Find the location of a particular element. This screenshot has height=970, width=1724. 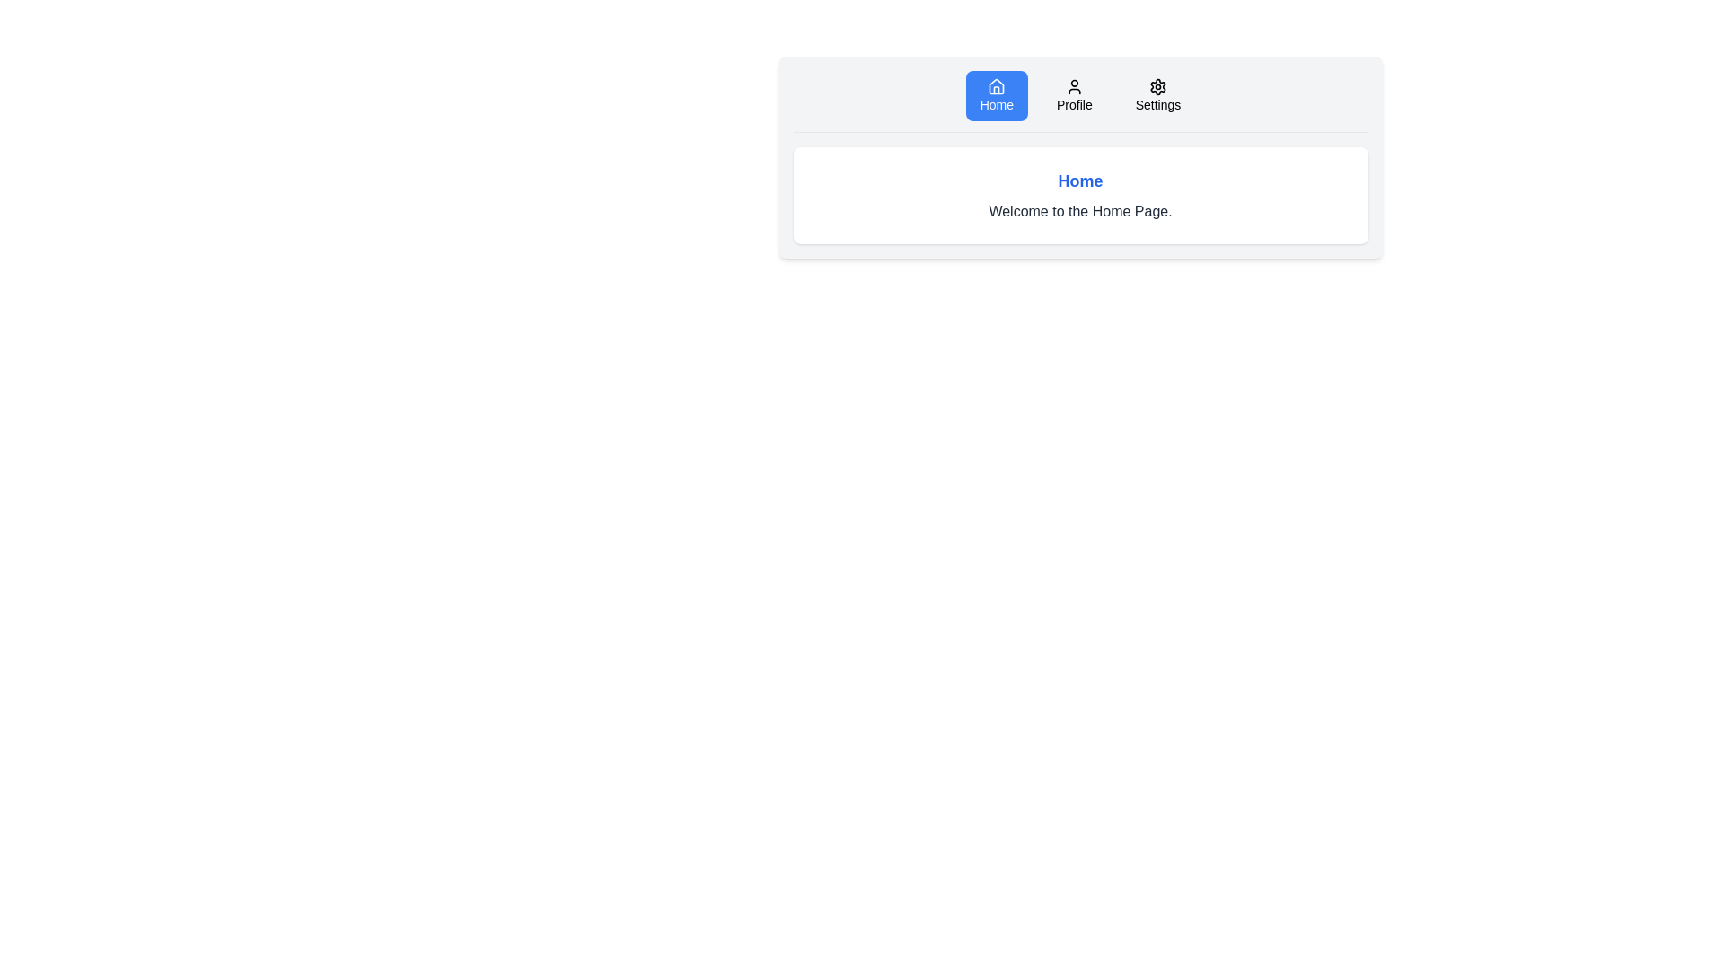

the tab labeled Home to examine its appearance is located at coordinates (996, 96).